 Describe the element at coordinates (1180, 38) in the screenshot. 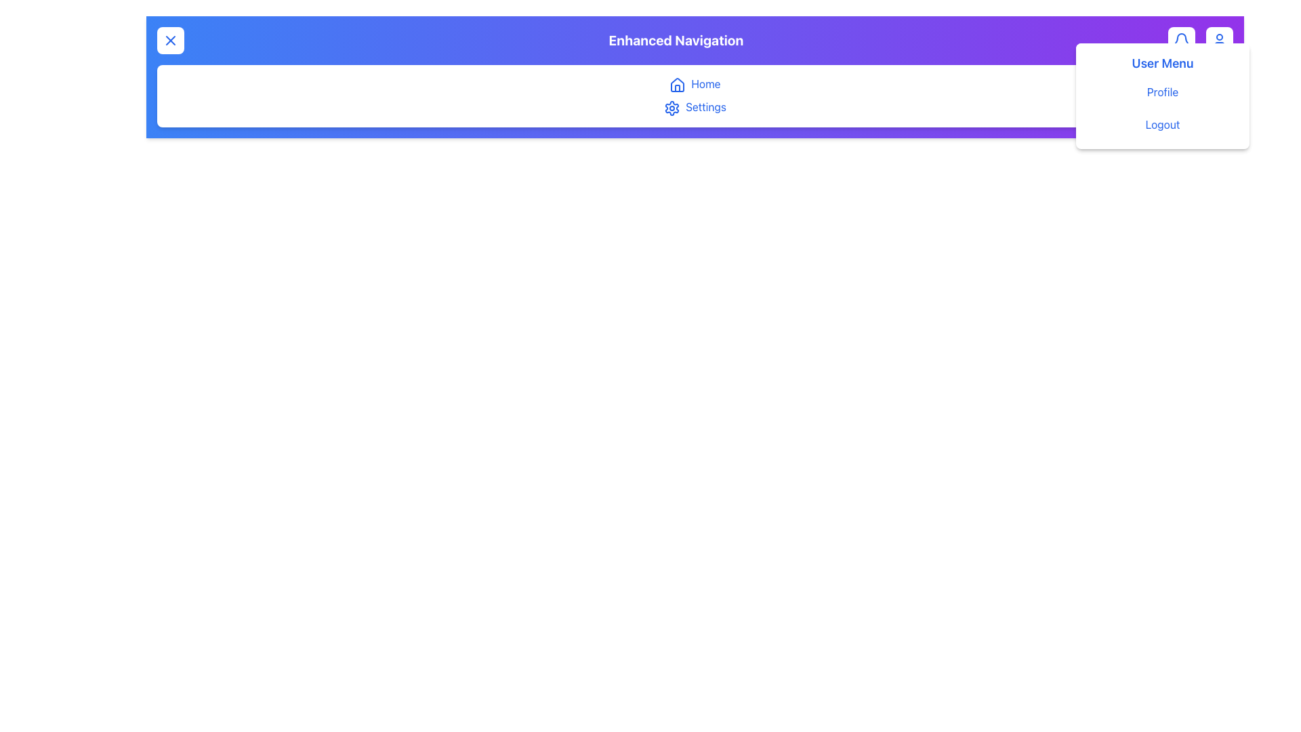

I see `the notification icon located in the top-right corner of the interface` at that location.